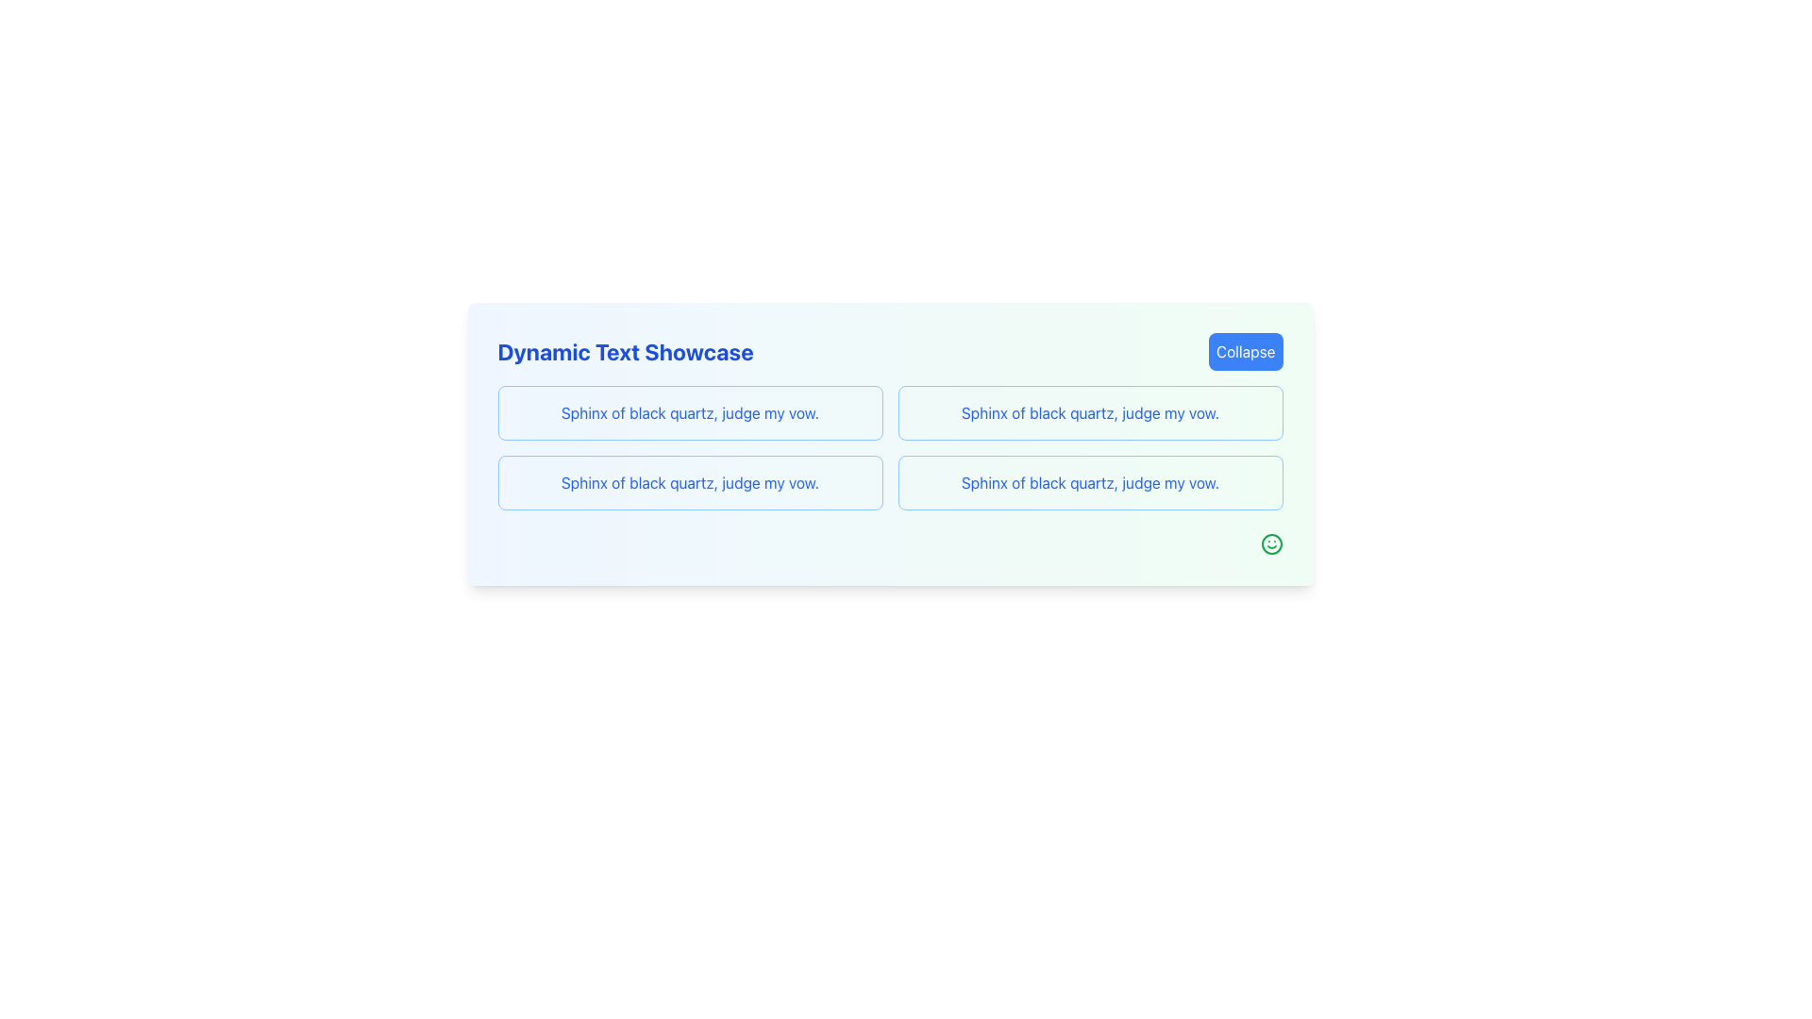  What do you see at coordinates (689, 482) in the screenshot?
I see `the static text display component located in the middle-left sub-section of the grid layout, which is the second item on the left column` at bounding box center [689, 482].